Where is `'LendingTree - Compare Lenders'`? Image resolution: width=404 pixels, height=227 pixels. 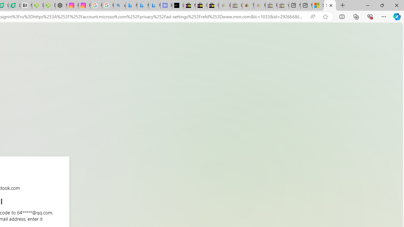
'LendingTree - Compare Lenders' is located at coordinates (15, 5).